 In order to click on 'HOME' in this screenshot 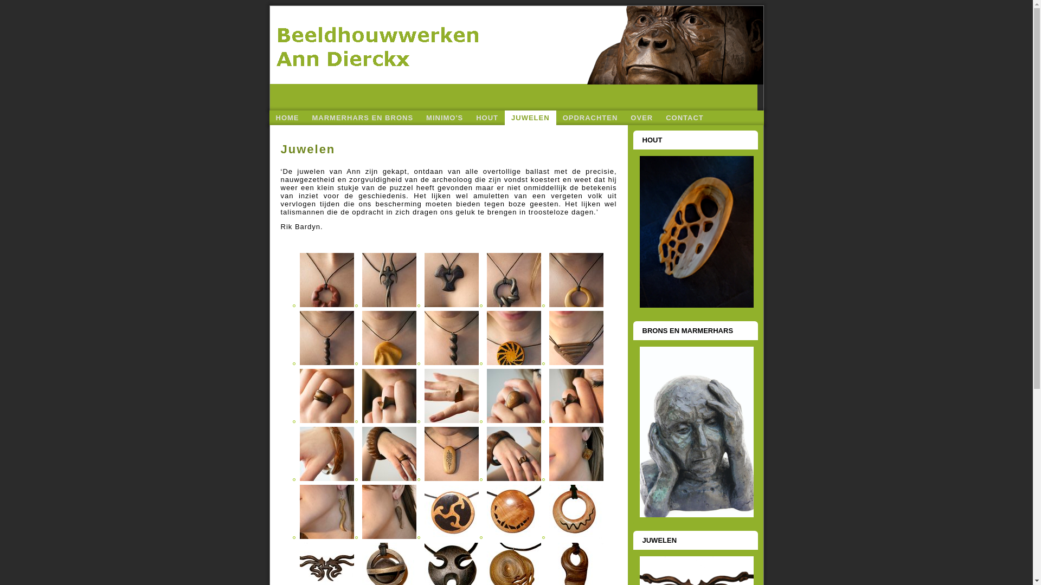, I will do `click(287, 118)`.